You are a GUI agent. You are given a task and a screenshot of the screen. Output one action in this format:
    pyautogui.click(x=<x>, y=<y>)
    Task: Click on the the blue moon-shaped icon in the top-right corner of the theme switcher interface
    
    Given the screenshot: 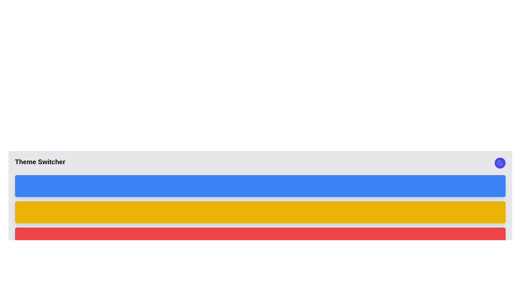 What is the action you would take?
    pyautogui.click(x=500, y=163)
    